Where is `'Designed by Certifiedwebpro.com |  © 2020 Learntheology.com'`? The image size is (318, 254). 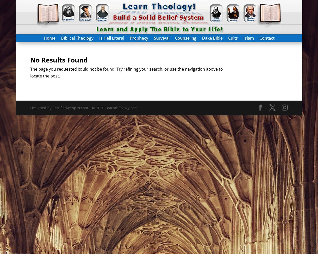
'Designed by Certifiedwebpro.com |  © 2020 Learntheology.com' is located at coordinates (83, 108).